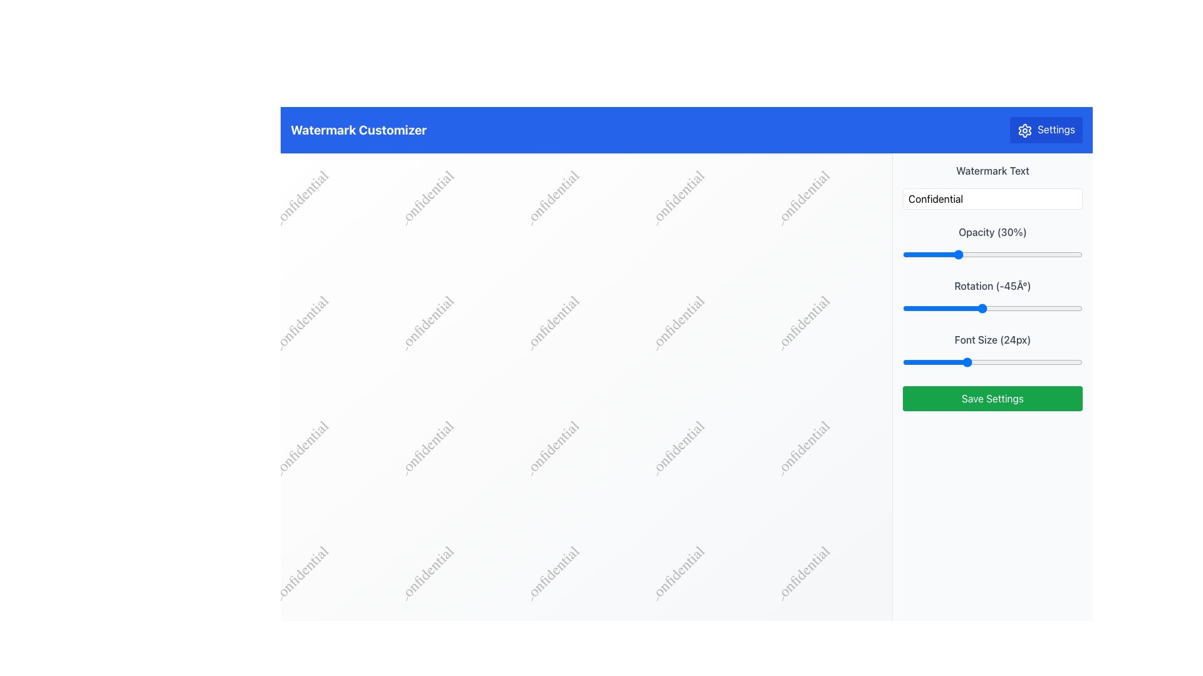 This screenshot has height=676, width=1203. Describe the element at coordinates (1028, 362) in the screenshot. I see `the font size` at that location.